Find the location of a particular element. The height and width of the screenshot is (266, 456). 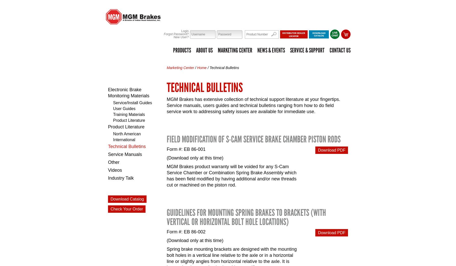

'Other' is located at coordinates (114, 162).